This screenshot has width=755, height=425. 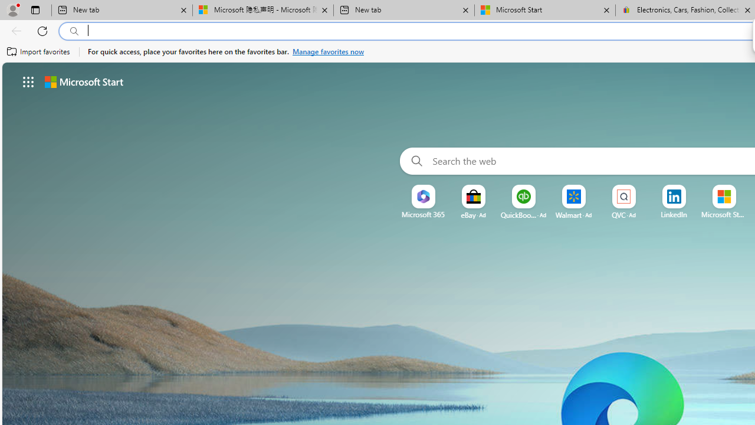 What do you see at coordinates (38, 51) in the screenshot?
I see `'Import favorites'` at bounding box center [38, 51].